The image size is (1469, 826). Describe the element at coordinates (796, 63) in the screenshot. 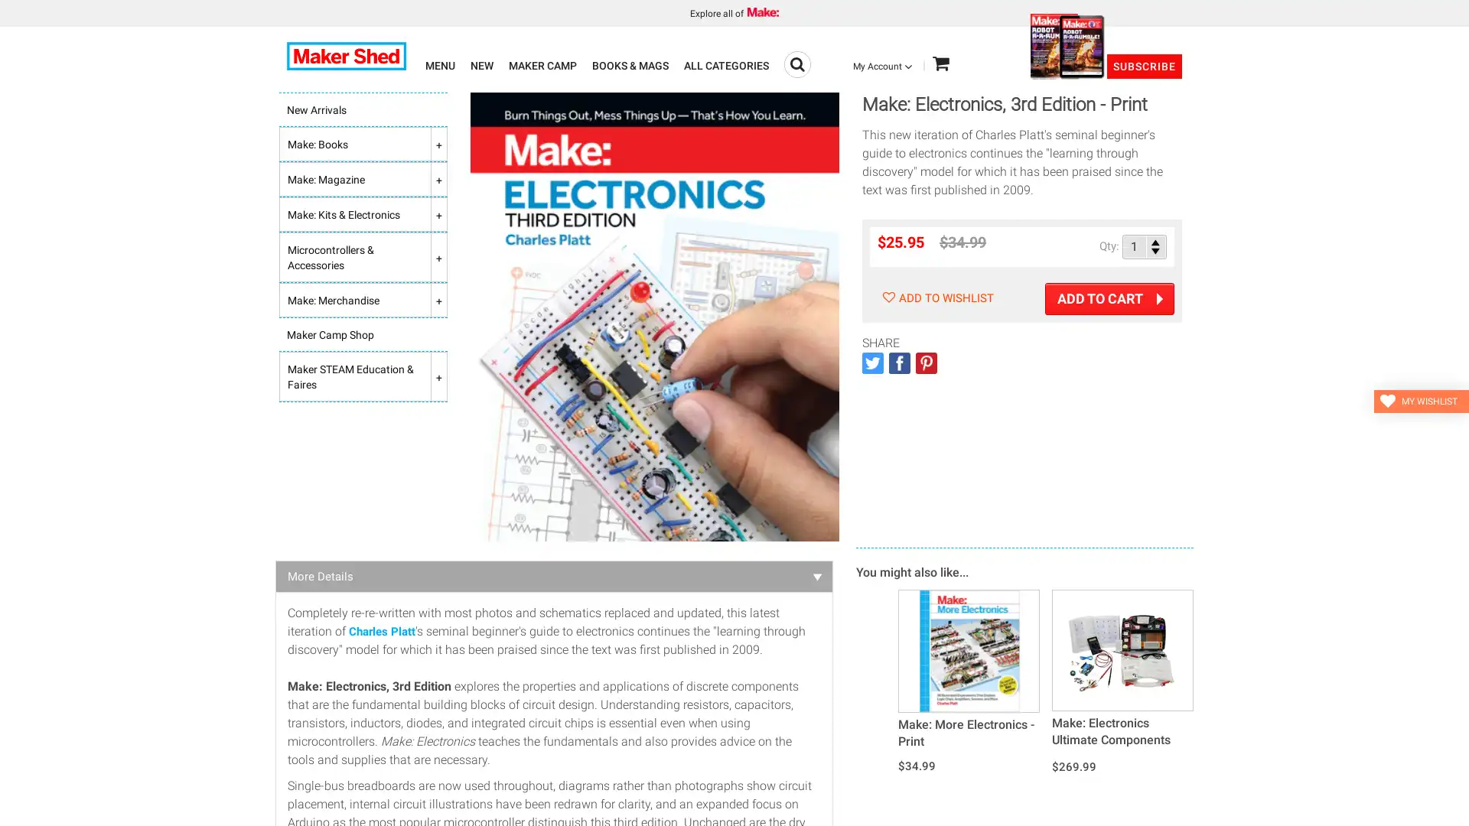

I see `GO` at that location.